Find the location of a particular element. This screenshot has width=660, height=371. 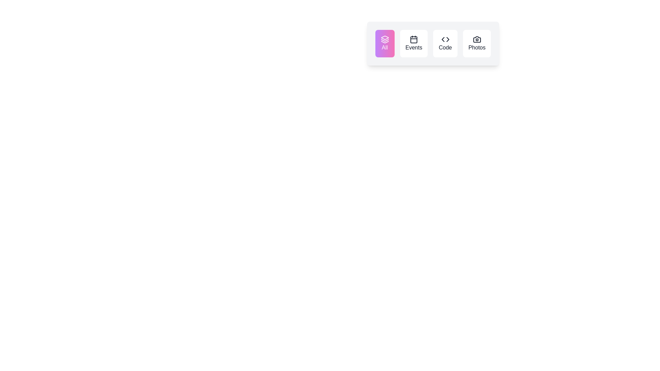

the left-pointing chevron icon within the 'Code' button, which is part of a pair of chevrons in an SVG icon is located at coordinates (443, 40).